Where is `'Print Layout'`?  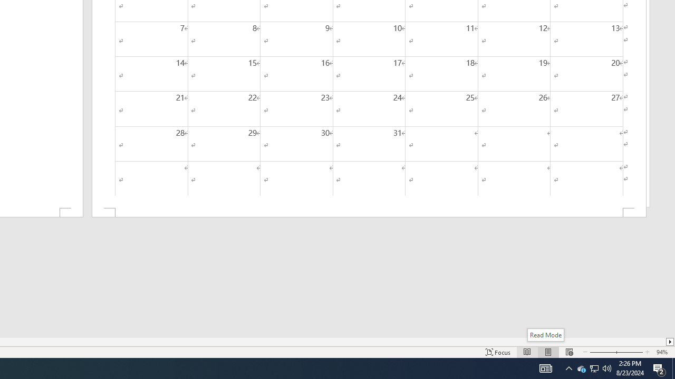
'Print Layout' is located at coordinates (548, 352).